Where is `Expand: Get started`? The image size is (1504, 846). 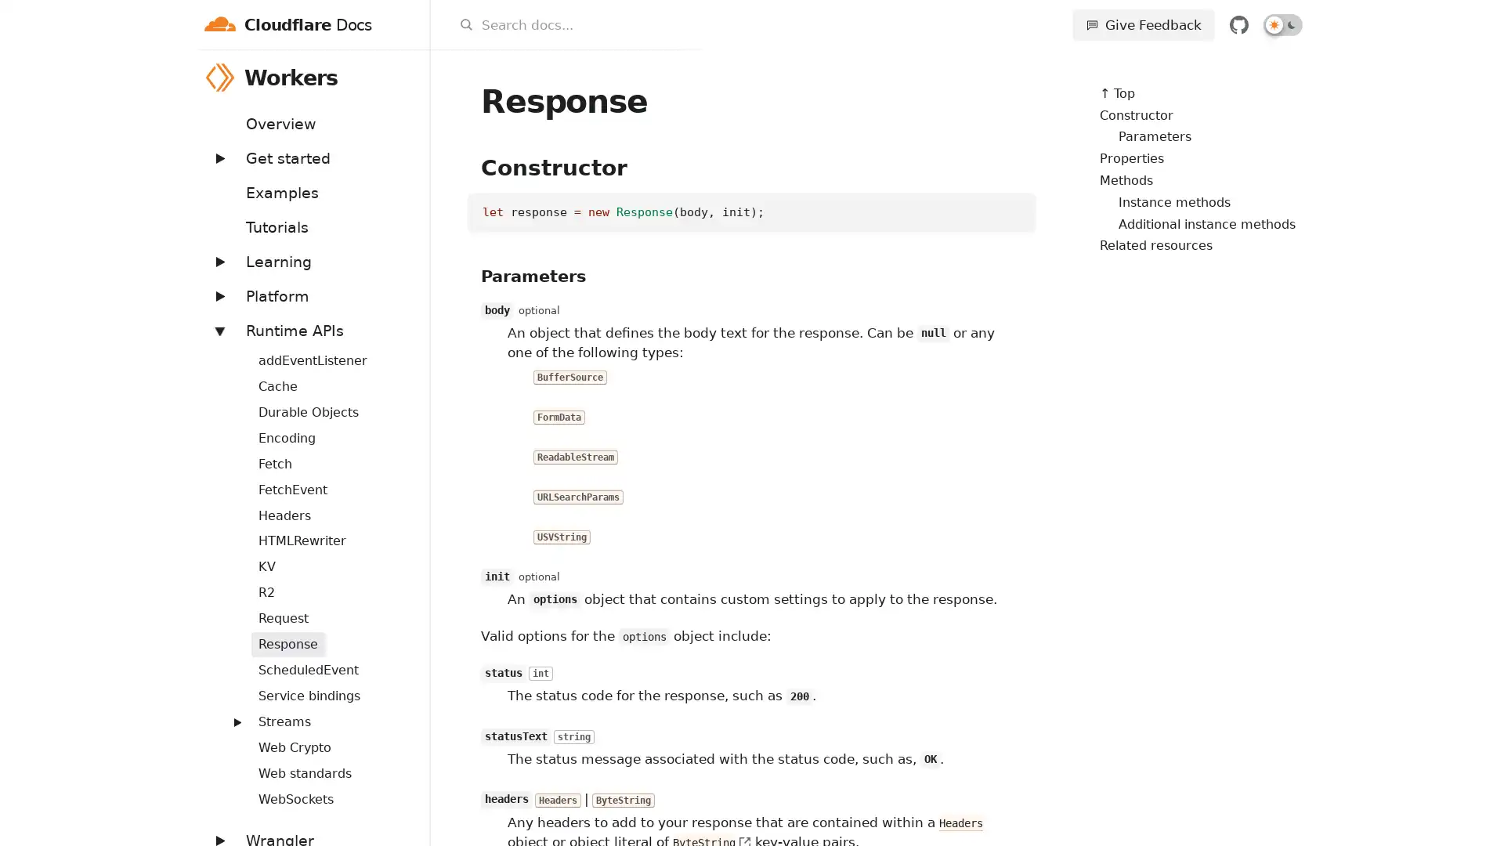 Expand: Get started is located at coordinates (218, 157).